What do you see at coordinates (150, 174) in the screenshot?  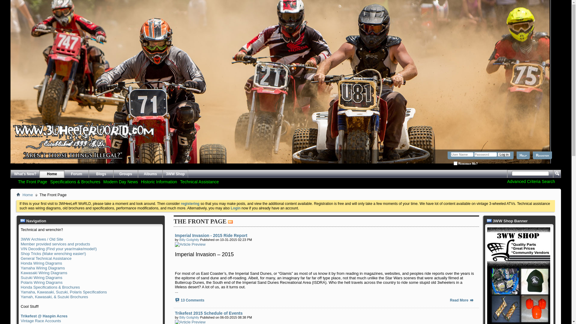 I see `'Albums'` at bounding box center [150, 174].